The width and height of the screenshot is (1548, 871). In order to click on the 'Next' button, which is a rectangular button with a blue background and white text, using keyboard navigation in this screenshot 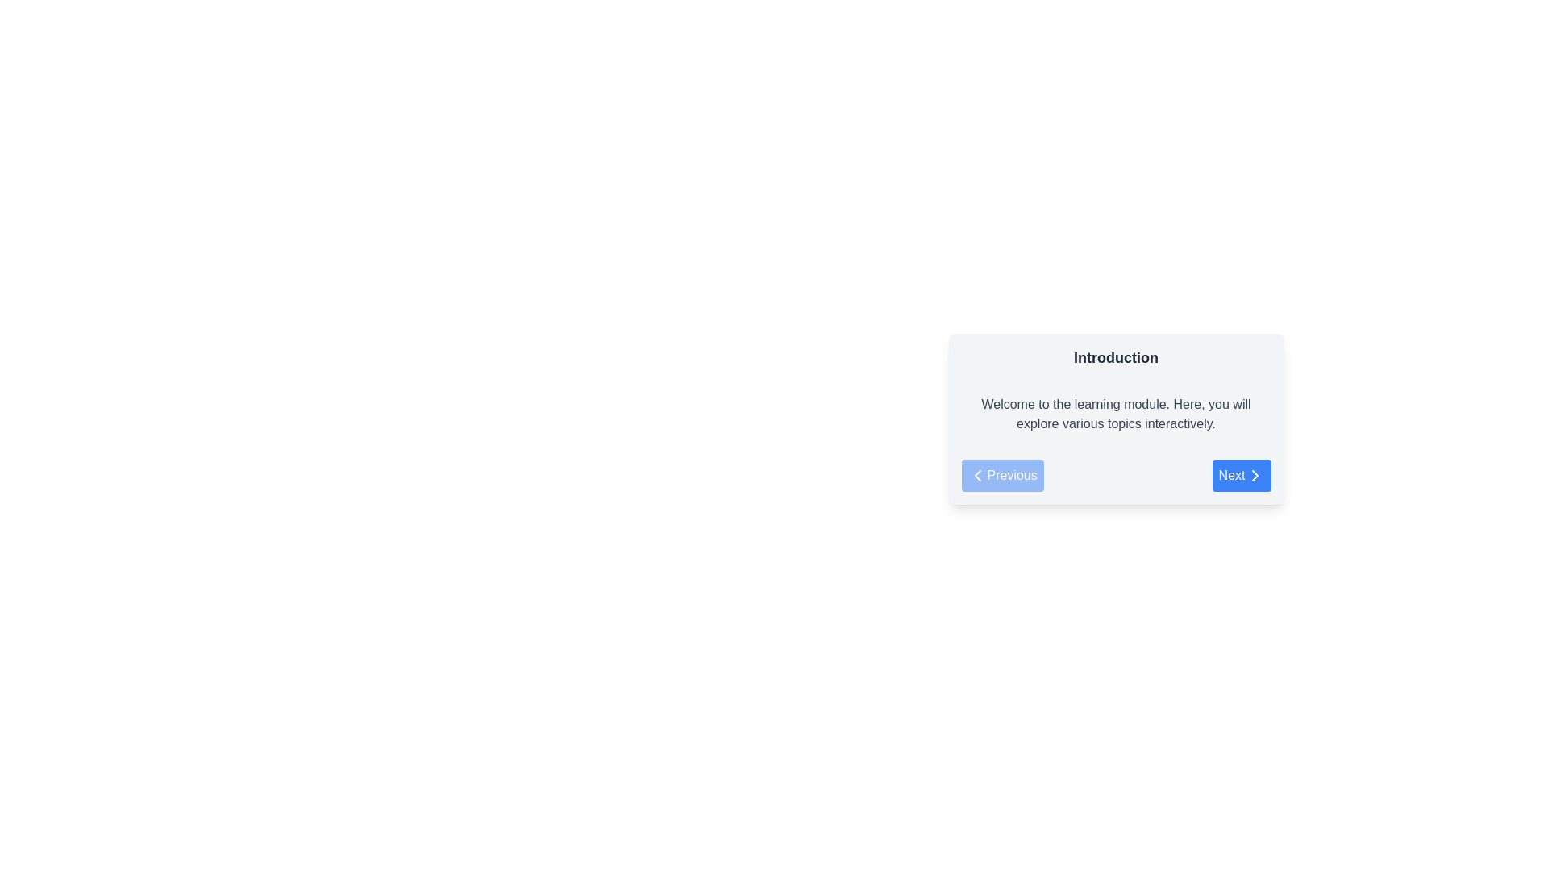, I will do `click(1241, 475)`.